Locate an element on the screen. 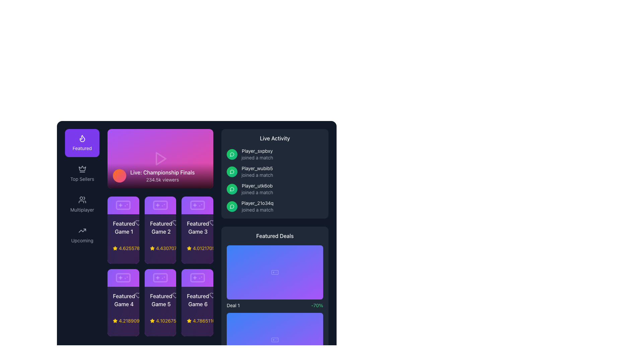  the content of the Text Display Panel that shows real-time updates for recent activities, specifically the entry where 'Player_21o34q' joined a match is located at coordinates (257, 206).